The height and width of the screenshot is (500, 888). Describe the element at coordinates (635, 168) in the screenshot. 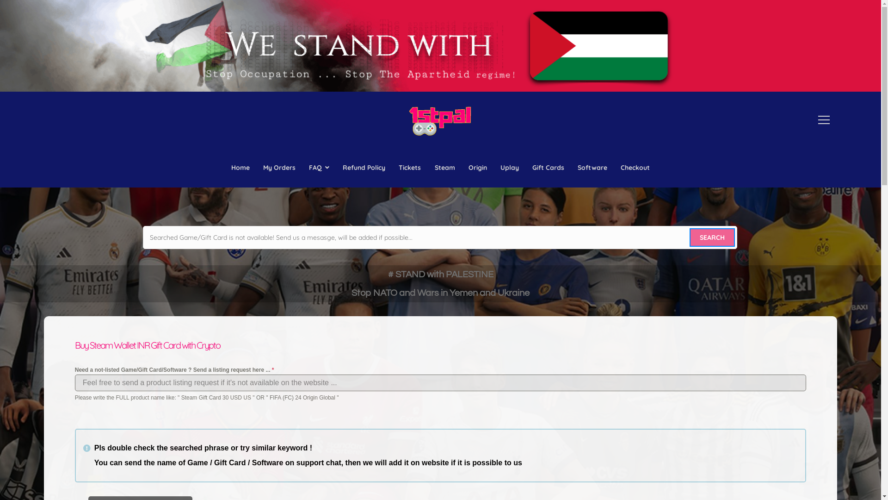

I see `'Checkout'` at that location.